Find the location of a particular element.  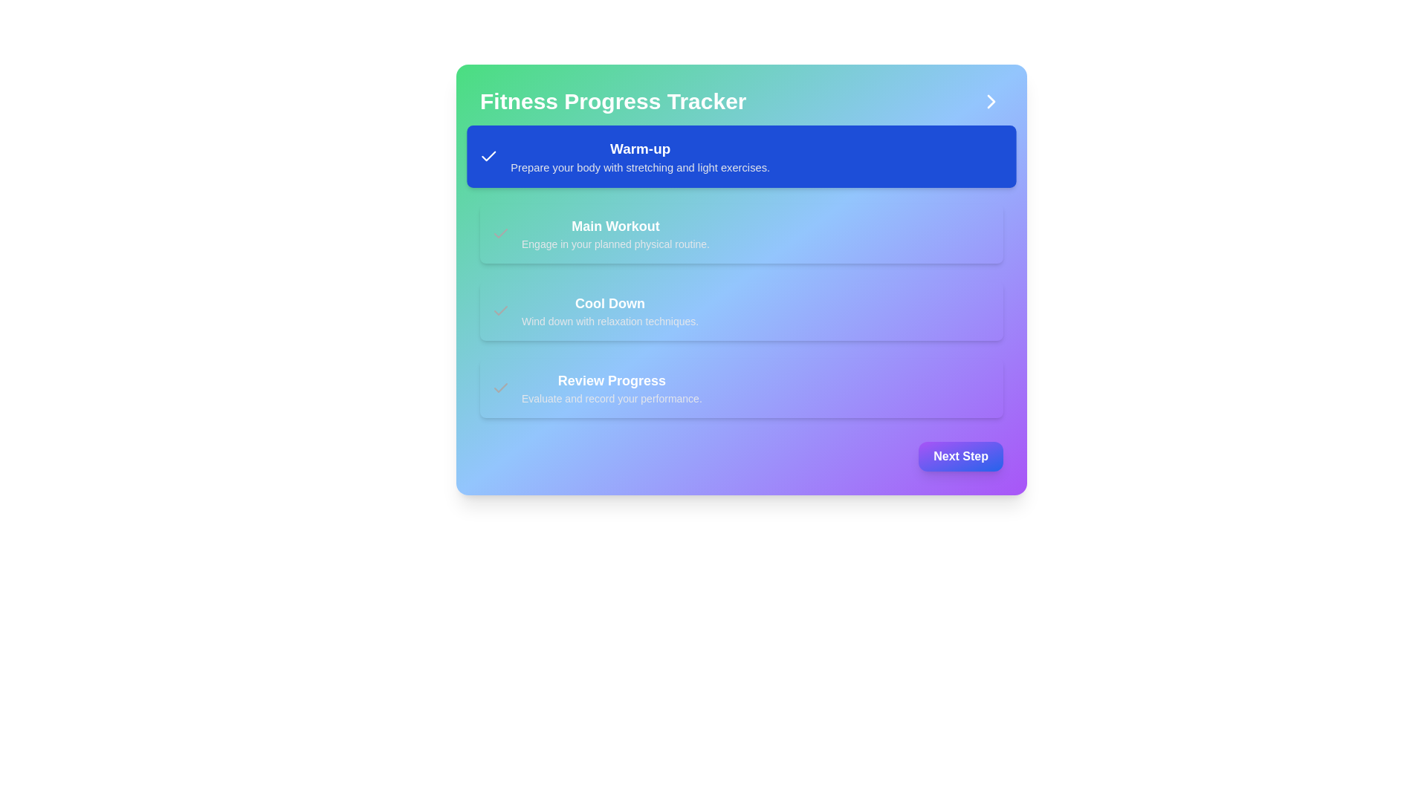

the small checkmark icon with a white outline on a blue background located in the upper left corner of the 'Warm-up' section is located at coordinates (488, 156).